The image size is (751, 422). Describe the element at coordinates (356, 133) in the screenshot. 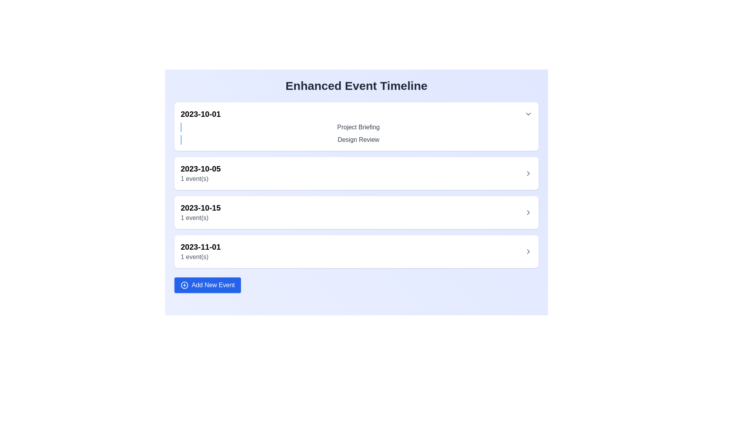

I see `information displayed in the textual display element that lists 'Project Briefing' and 'Design Review' under the date '2023-10-01'` at that location.